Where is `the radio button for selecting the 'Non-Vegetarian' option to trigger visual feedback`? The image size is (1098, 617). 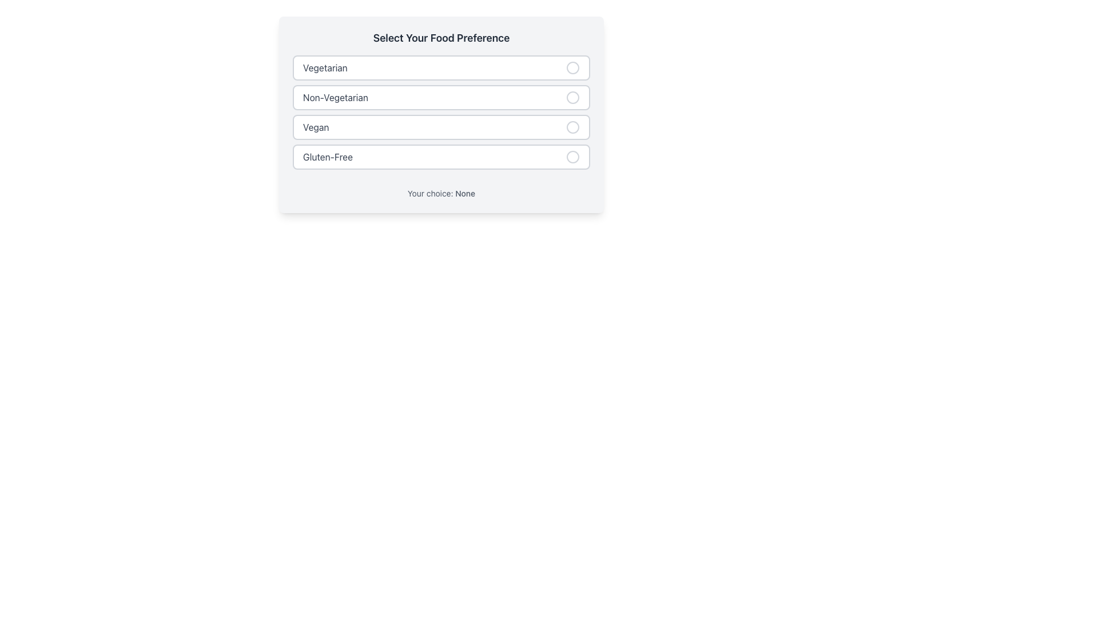 the radio button for selecting the 'Non-Vegetarian' option to trigger visual feedback is located at coordinates (573, 97).